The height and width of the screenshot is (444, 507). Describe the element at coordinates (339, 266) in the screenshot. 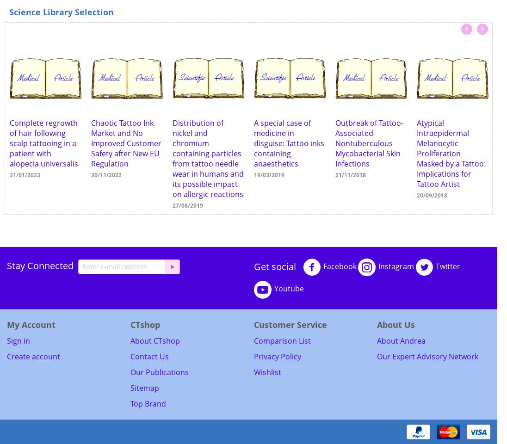

I see `'Facebook'` at that location.